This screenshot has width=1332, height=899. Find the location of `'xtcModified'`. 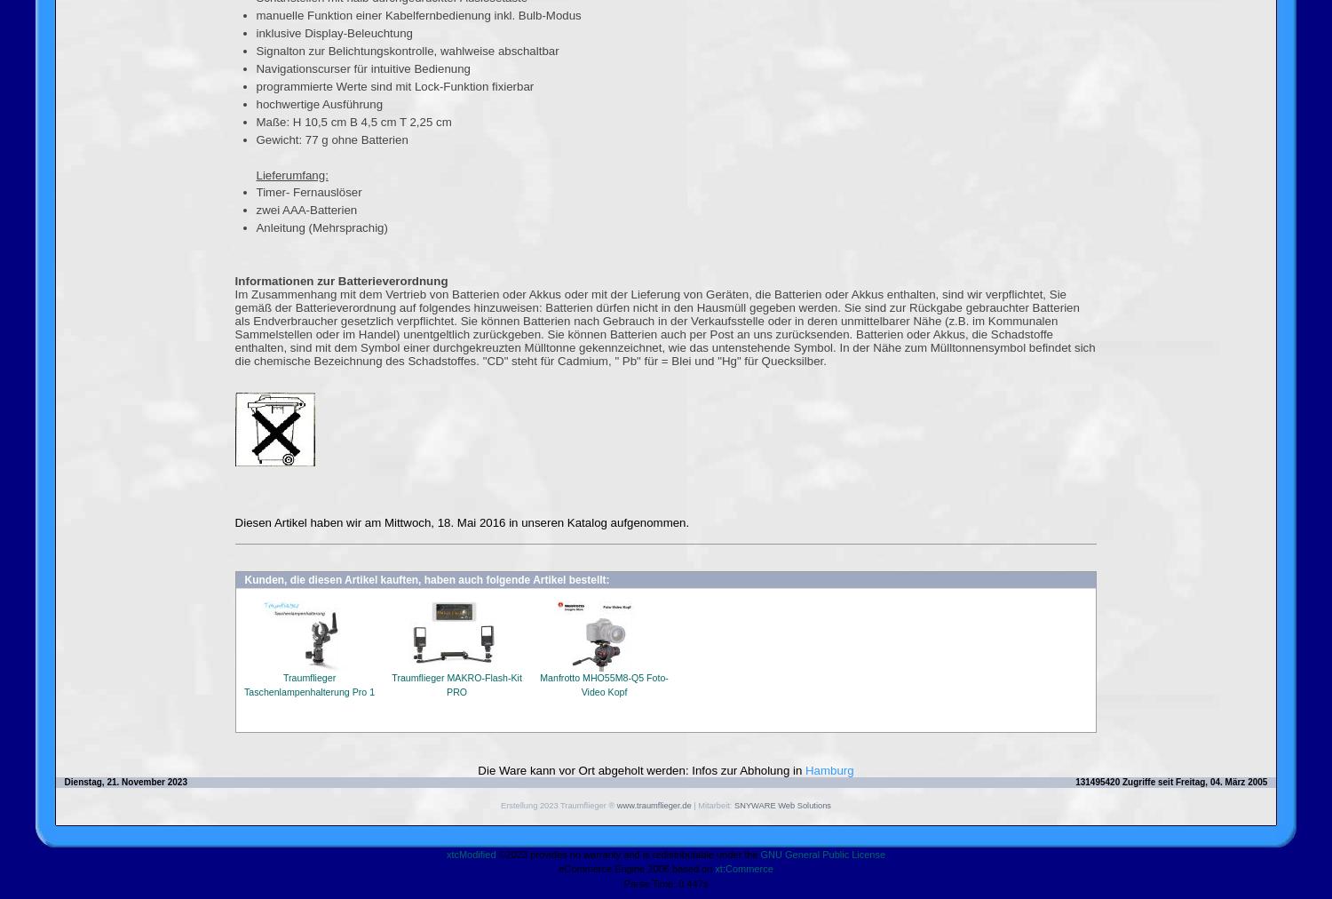

'xtcModified' is located at coordinates (470, 853).